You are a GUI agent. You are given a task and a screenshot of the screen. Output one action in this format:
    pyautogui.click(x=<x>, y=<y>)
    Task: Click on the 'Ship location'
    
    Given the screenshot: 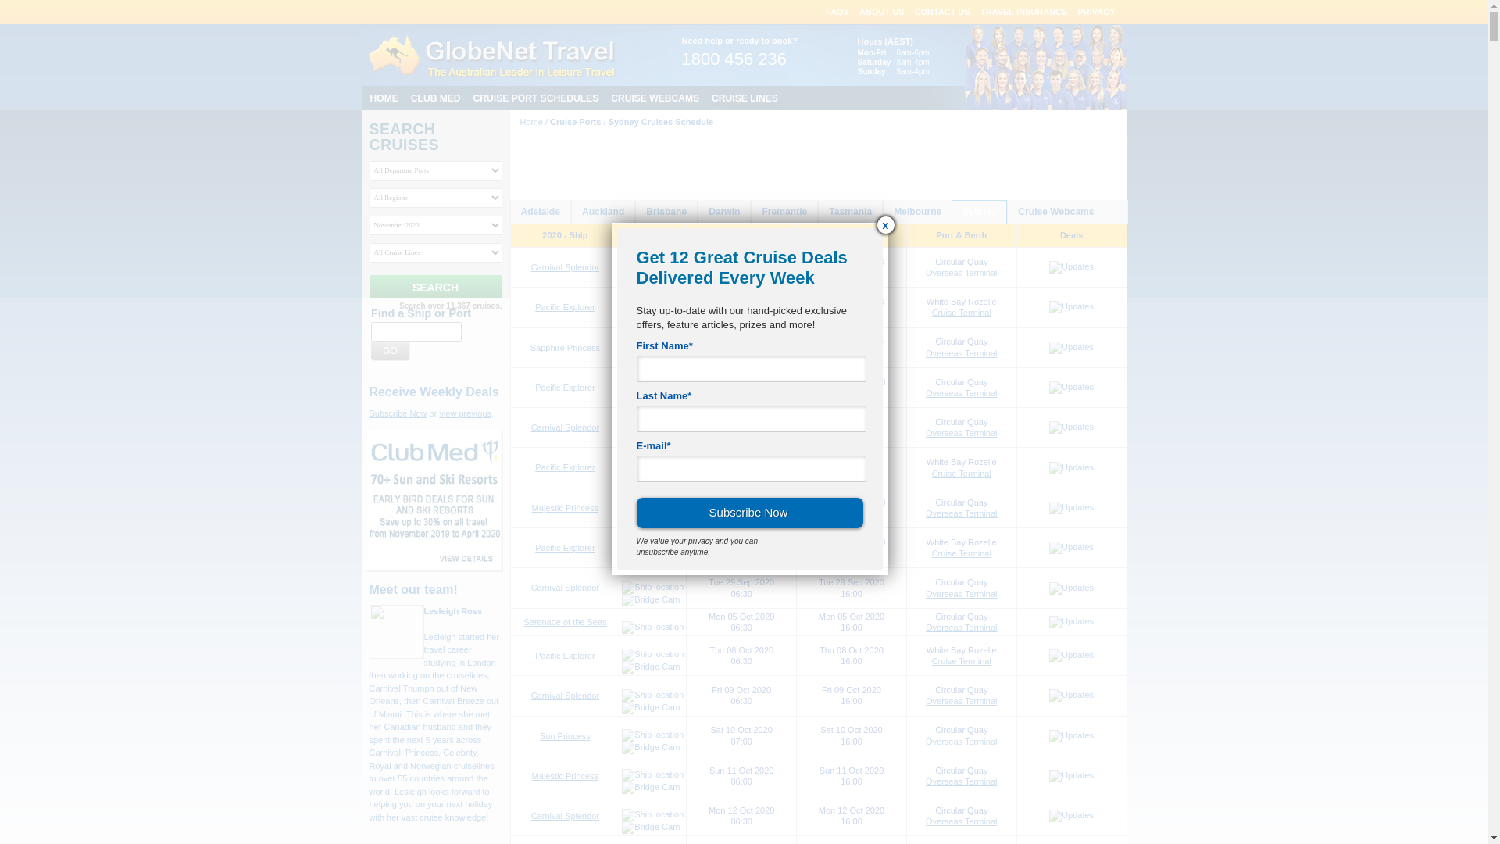 What is the action you would take?
    pyautogui.click(x=652, y=307)
    